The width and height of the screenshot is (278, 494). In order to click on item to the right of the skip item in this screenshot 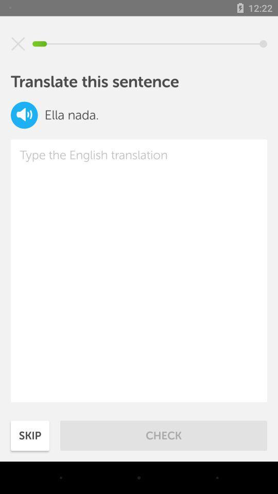, I will do `click(164, 435)`.